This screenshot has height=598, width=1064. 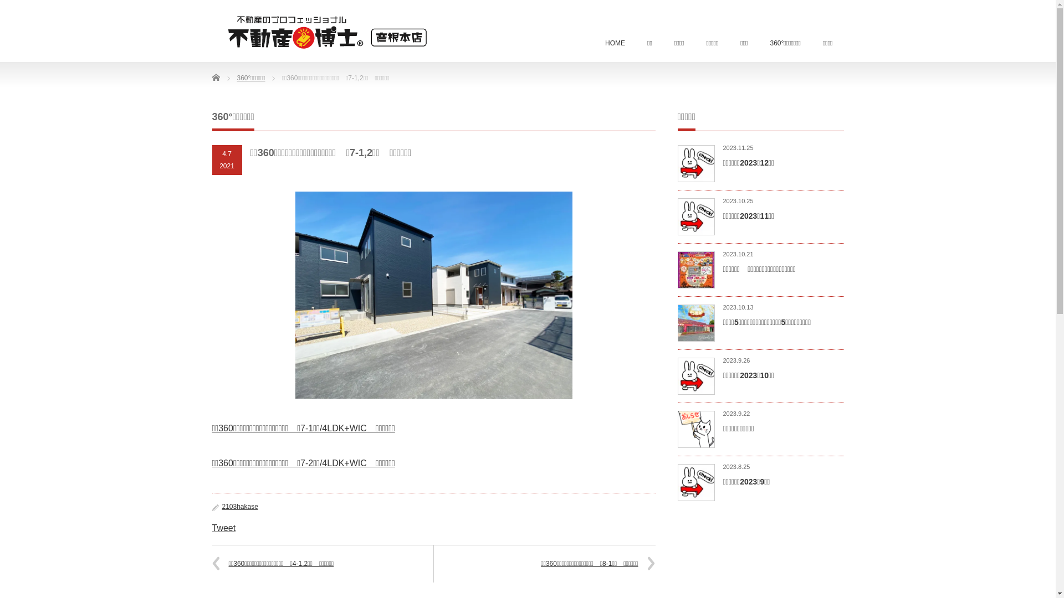 What do you see at coordinates (223, 527) in the screenshot?
I see `'Tweet'` at bounding box center [223, 527].